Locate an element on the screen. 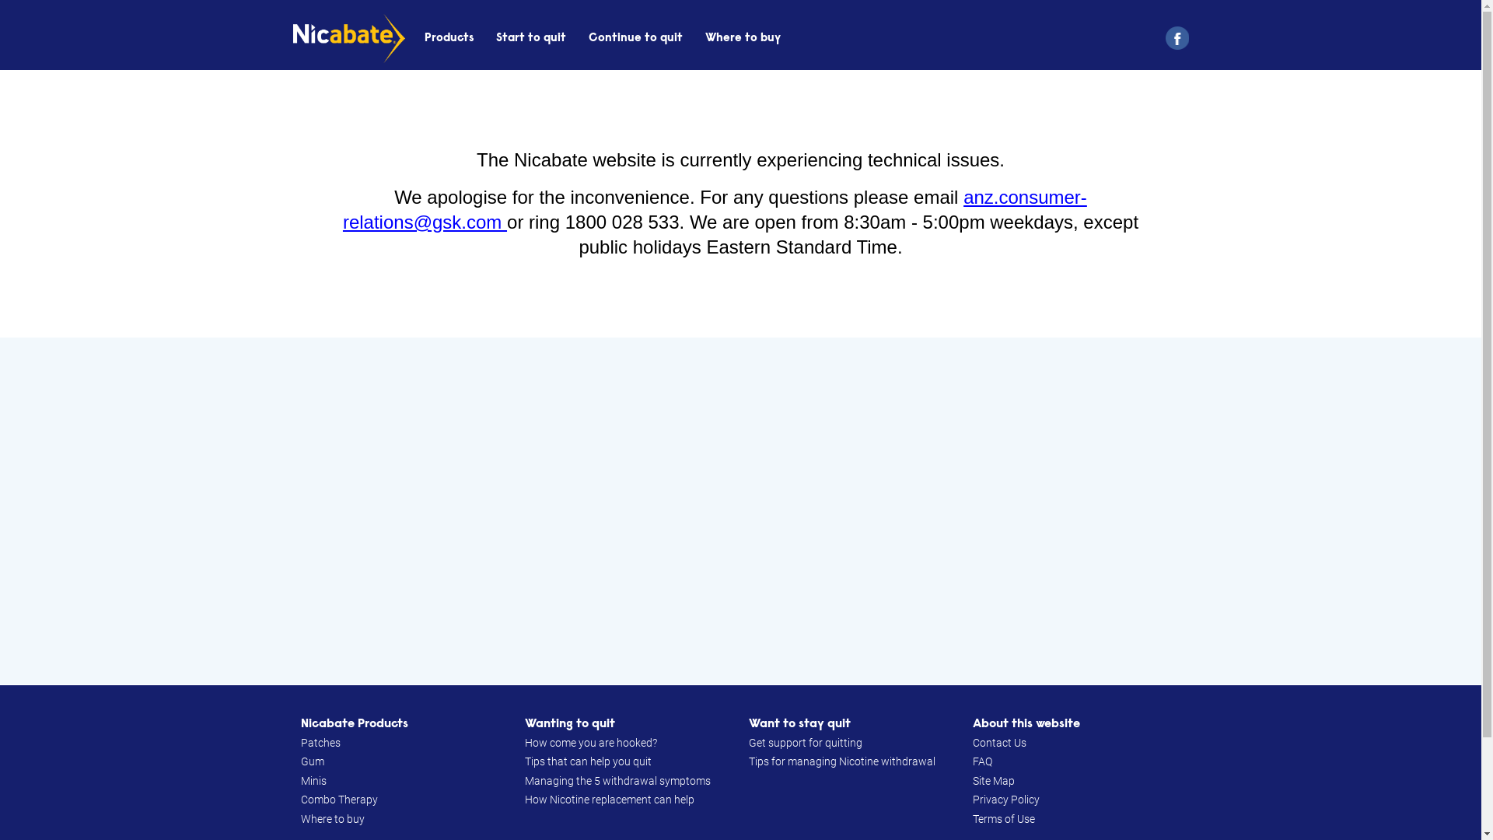  ' ' is located at coordinates (1171, 37).